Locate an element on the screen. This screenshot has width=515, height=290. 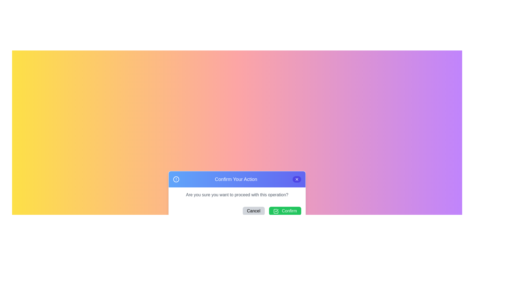
the alert or notification icon located in the top-left section of the modal, aligned with the 'Confirm Your Action' text is located at coordinates (176, 179).